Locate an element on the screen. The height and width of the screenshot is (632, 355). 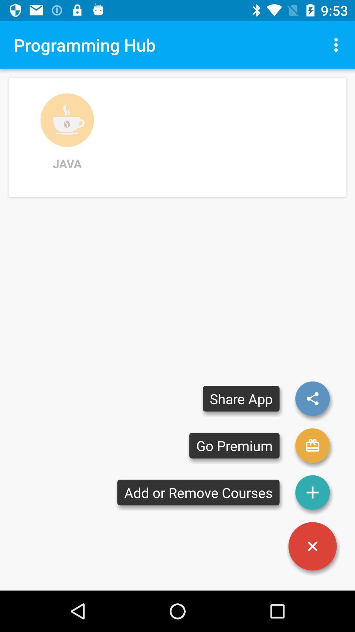
item above add or remove icon is located at coordinates (234, 445).